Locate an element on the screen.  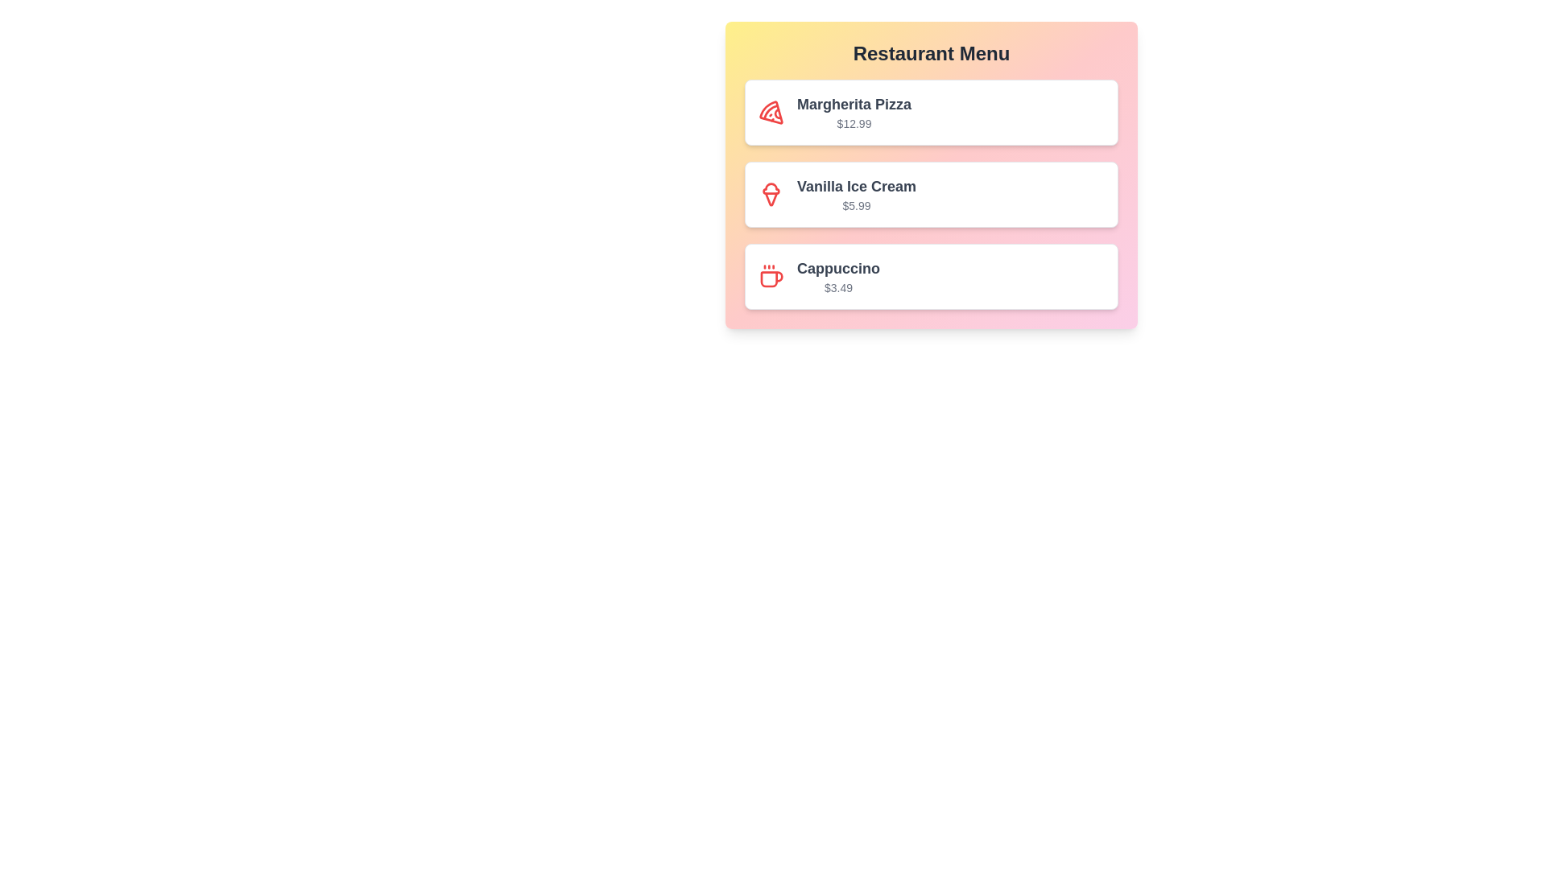
the menu item corresponding to Margherita Pizza is located at coordinates (931, 111).